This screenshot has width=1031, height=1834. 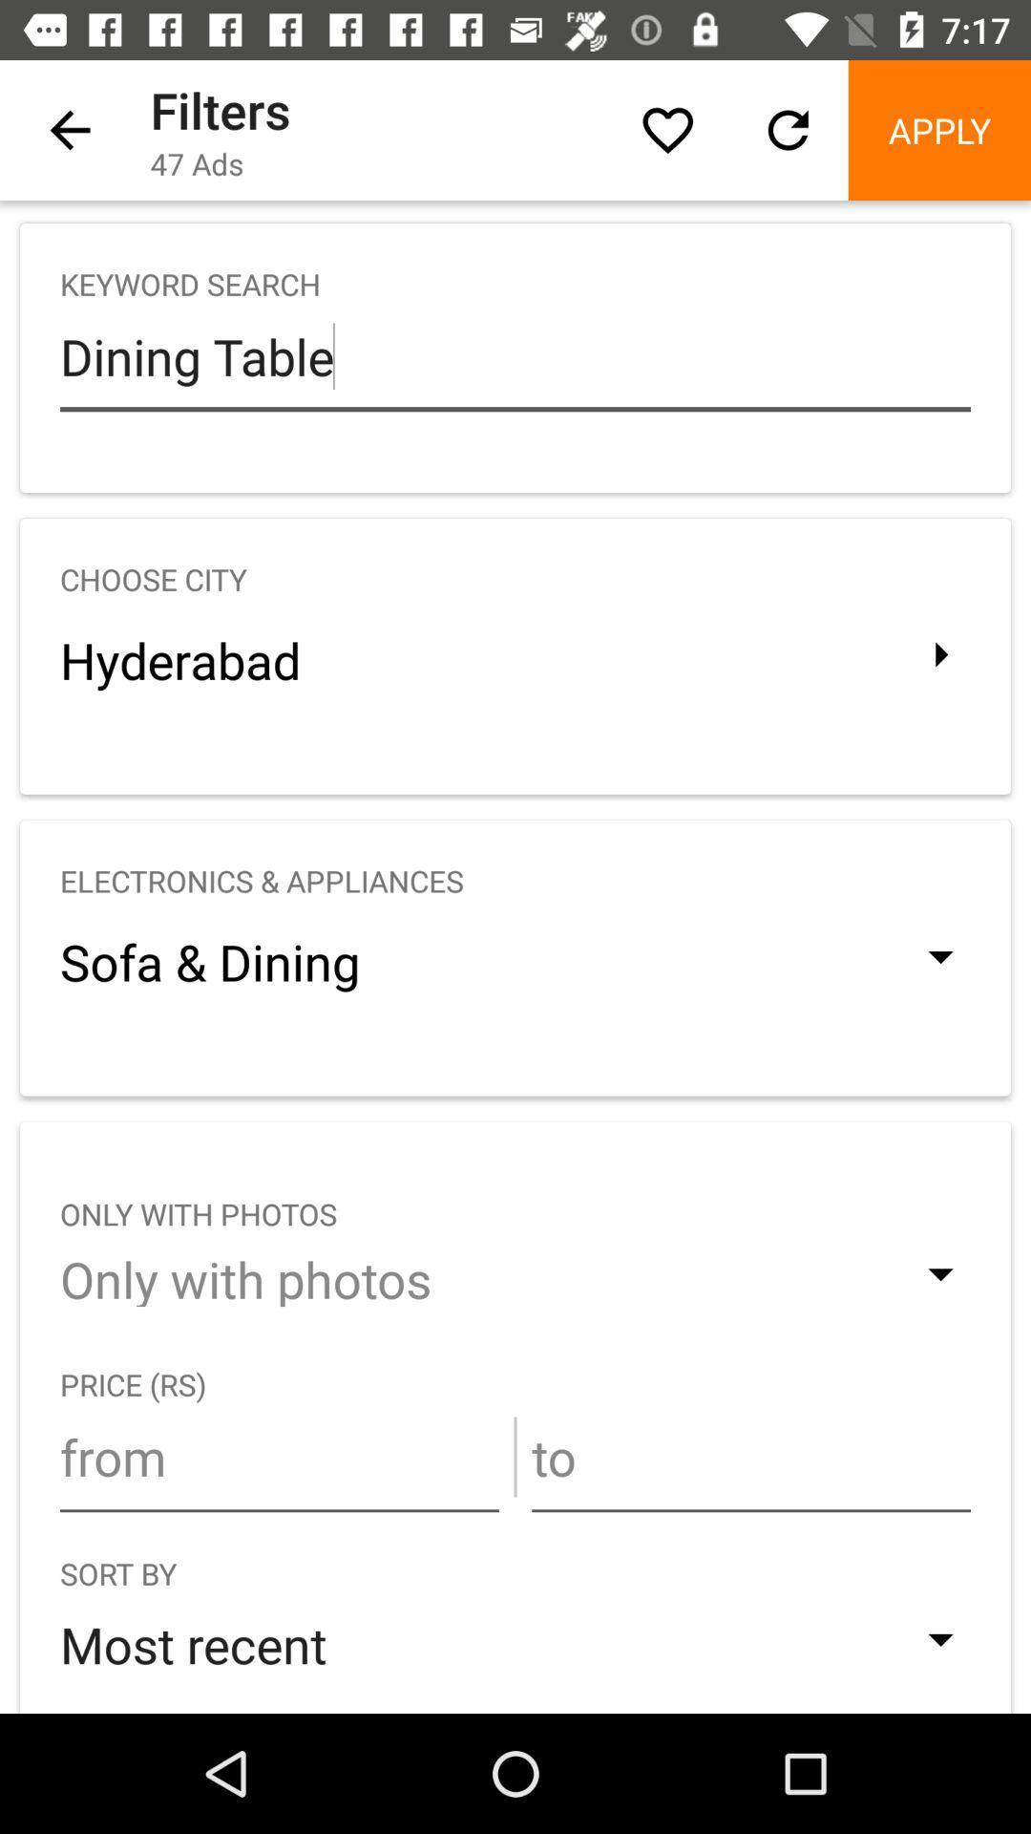 I want to click on app next to filters icon, so click(x=666, y=129).